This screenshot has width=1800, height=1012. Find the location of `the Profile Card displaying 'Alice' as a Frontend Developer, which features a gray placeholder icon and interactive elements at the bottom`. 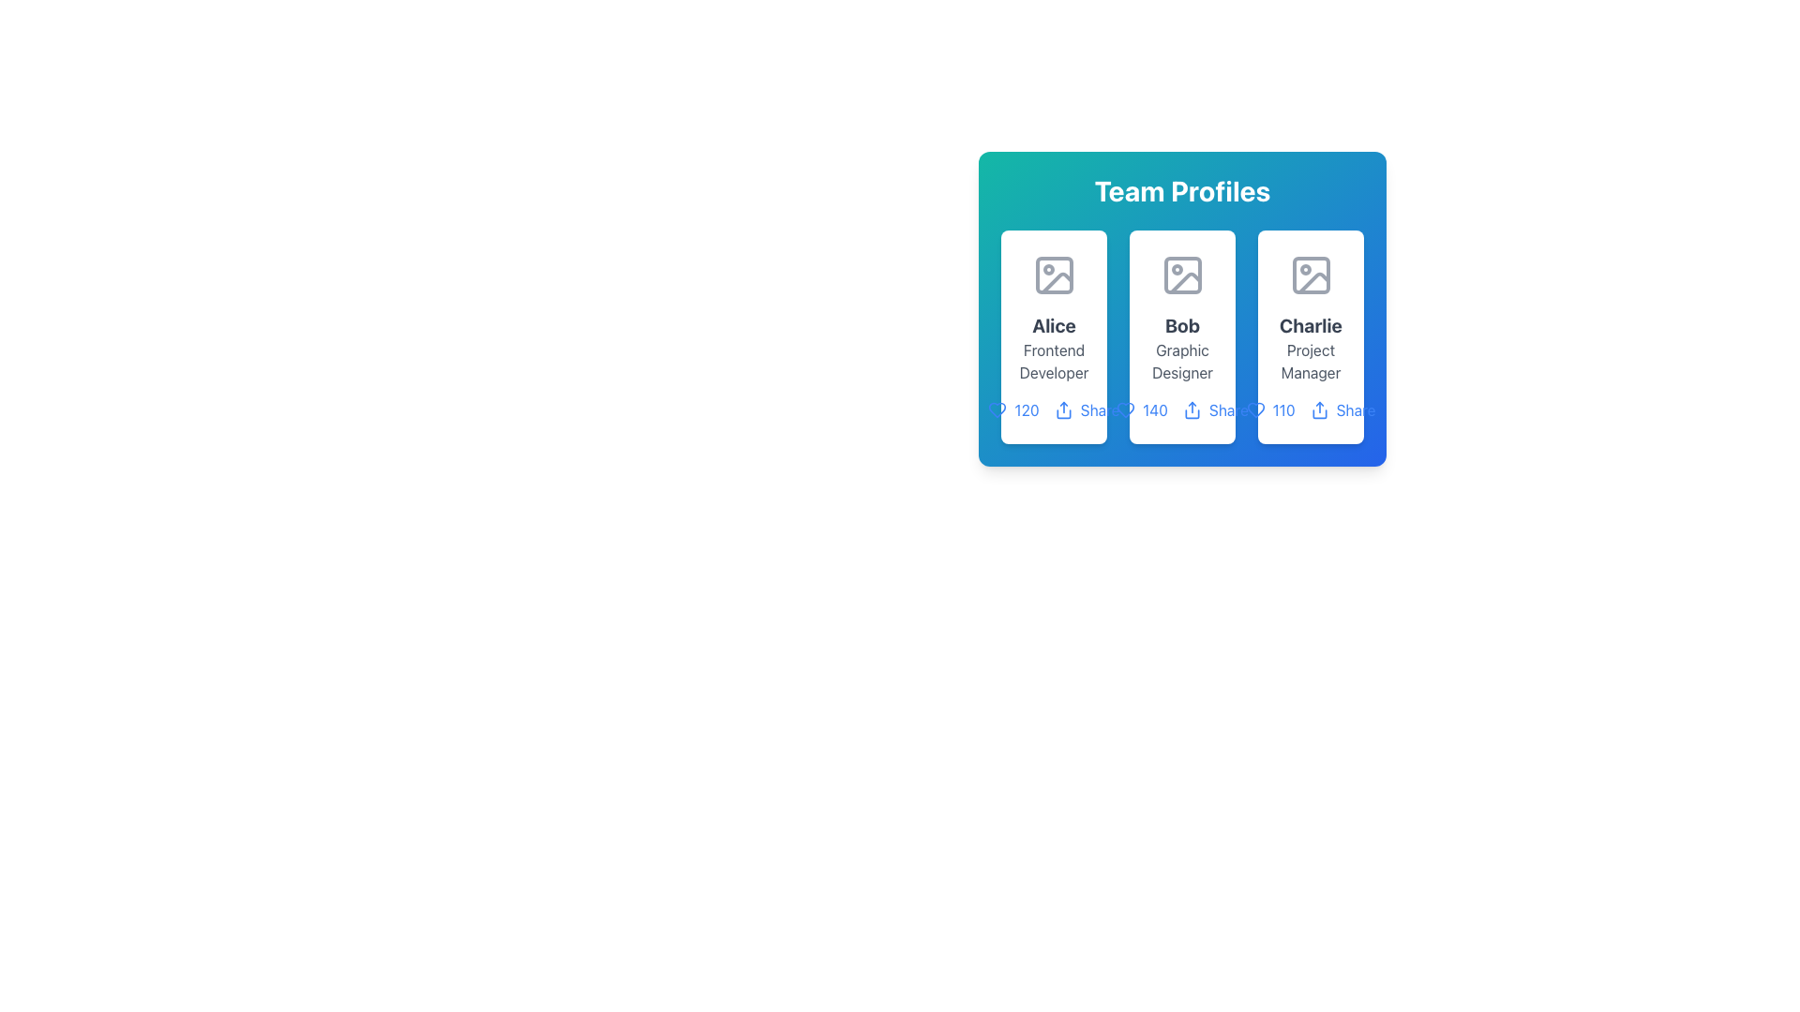

the Profile Card displaying 'Alice' as a Frontend Developer, which features a gray placeholder icon and interactive elements at the bottom is located at coordinates (1054, 335).